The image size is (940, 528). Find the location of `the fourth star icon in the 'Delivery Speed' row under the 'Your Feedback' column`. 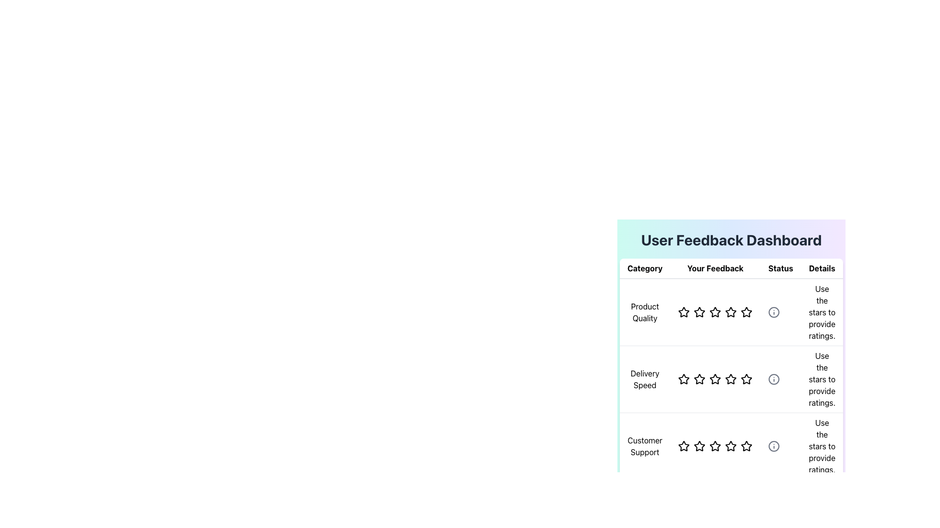

the fourth star icon in the 'Delivery Speed' row under the 'Your Feedback' column is located at coordinates (730, 378).